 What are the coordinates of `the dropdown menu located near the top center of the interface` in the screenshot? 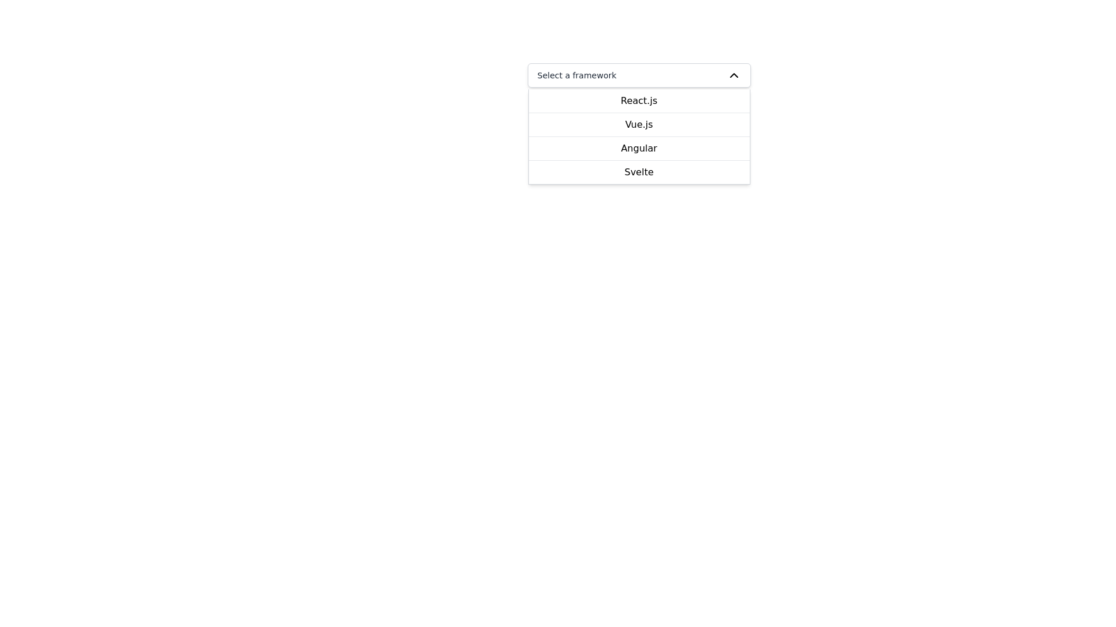 It's located at (638, 75).